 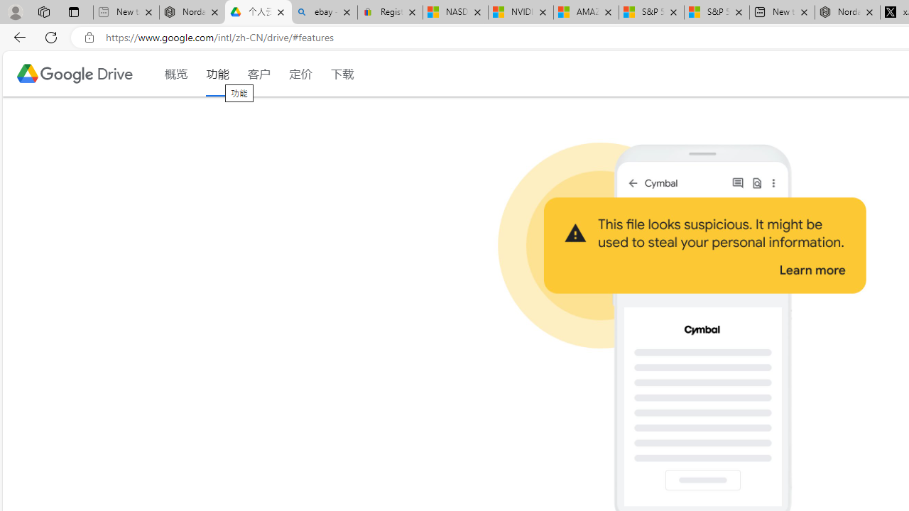 I want to click on 'S&P 500, Nasdaq end lower, weighed by Nvidia dip | Watch', so click(x=717, y=12).